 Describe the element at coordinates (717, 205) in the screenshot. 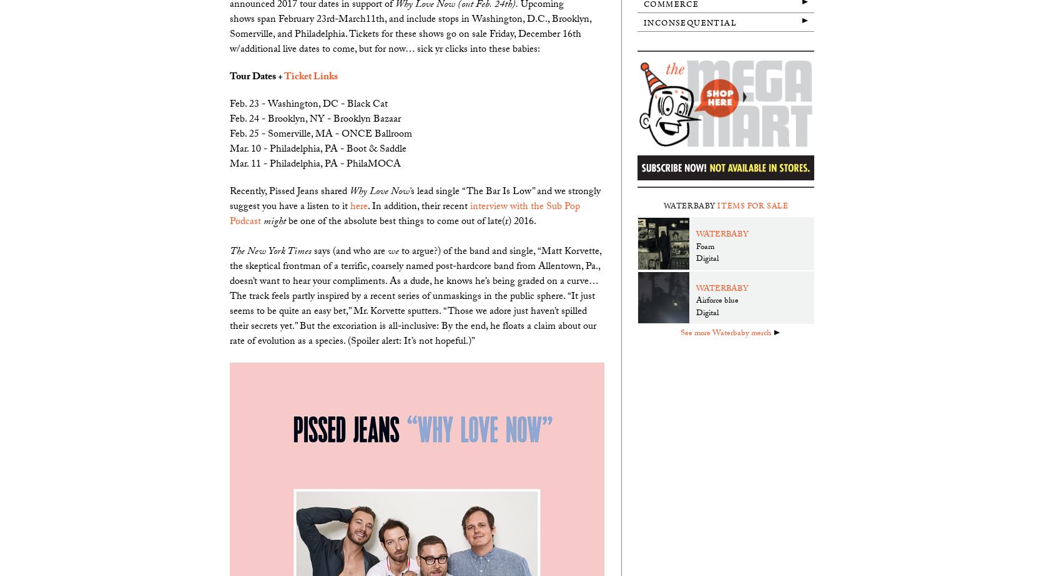

I see `'Items For Sale'` at that location.